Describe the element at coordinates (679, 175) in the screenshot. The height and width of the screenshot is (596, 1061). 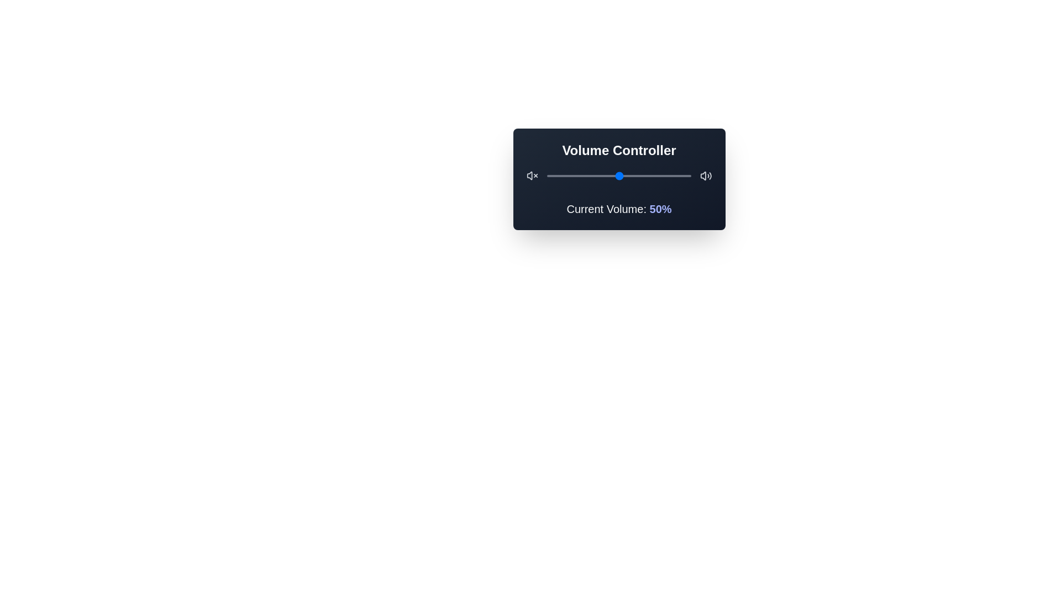
I see `the volume slider to 92%` at that location.